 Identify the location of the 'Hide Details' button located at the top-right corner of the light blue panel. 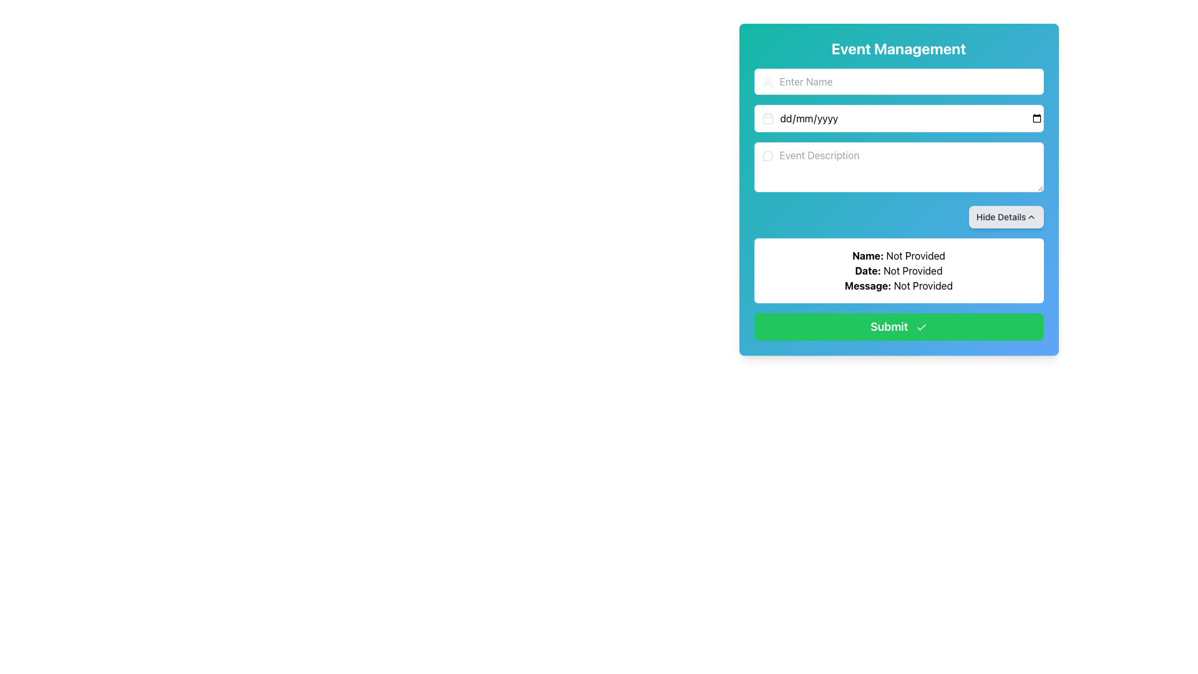
(1006, 216).